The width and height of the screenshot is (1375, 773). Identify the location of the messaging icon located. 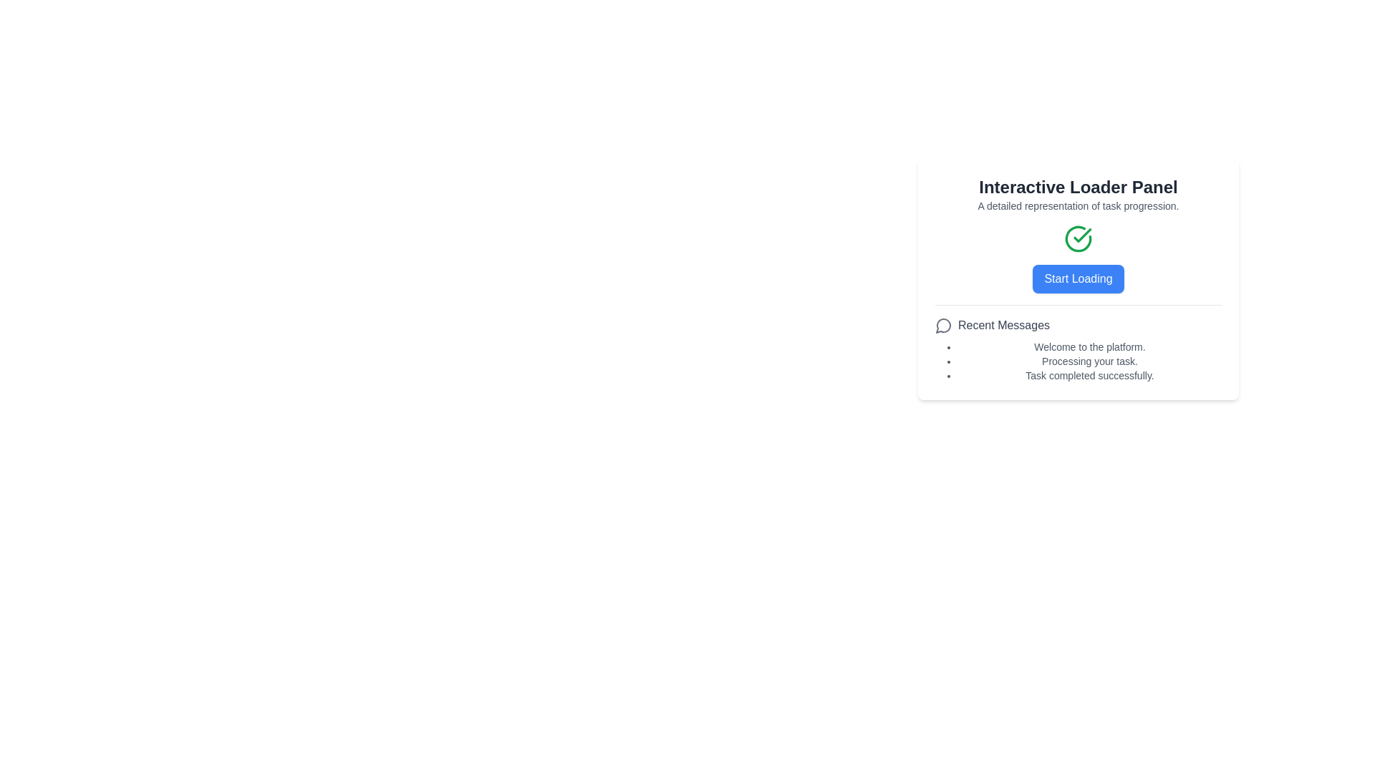
(944, 326).